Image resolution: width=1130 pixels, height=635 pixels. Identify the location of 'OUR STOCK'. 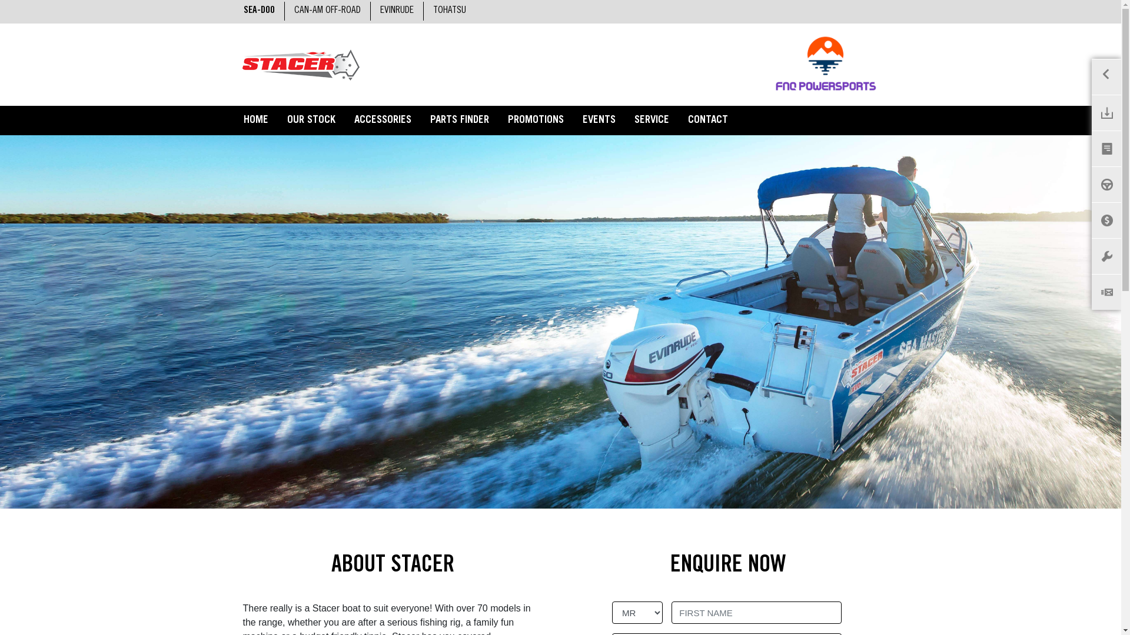
(277, 121).